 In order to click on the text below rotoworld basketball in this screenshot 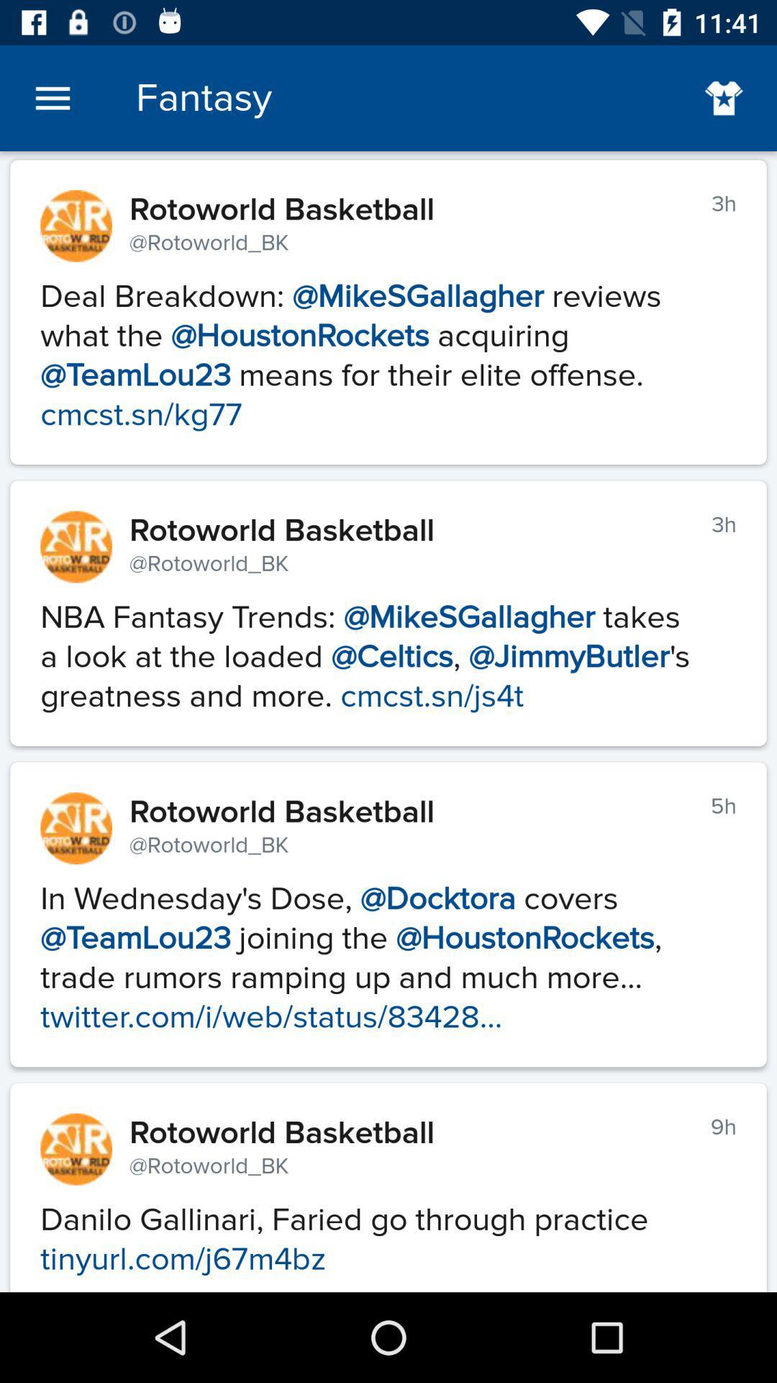, I will do `click(388, 348)`.